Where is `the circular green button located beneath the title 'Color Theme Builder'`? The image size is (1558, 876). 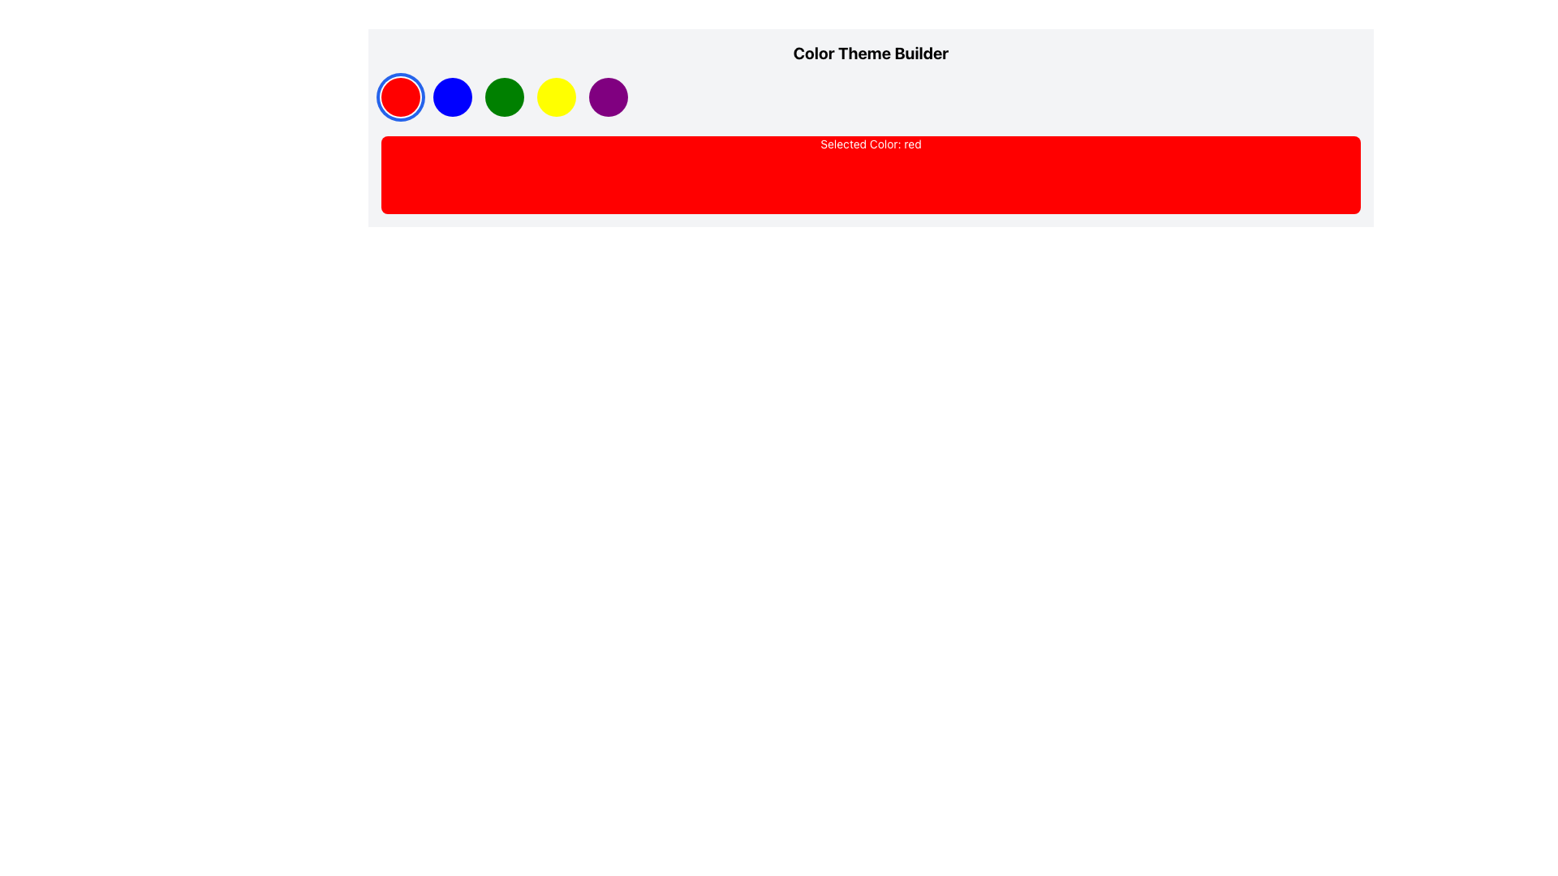 the circular green button located beneath the title 'Color Theme Builder' is located at coordinates (504, 97).